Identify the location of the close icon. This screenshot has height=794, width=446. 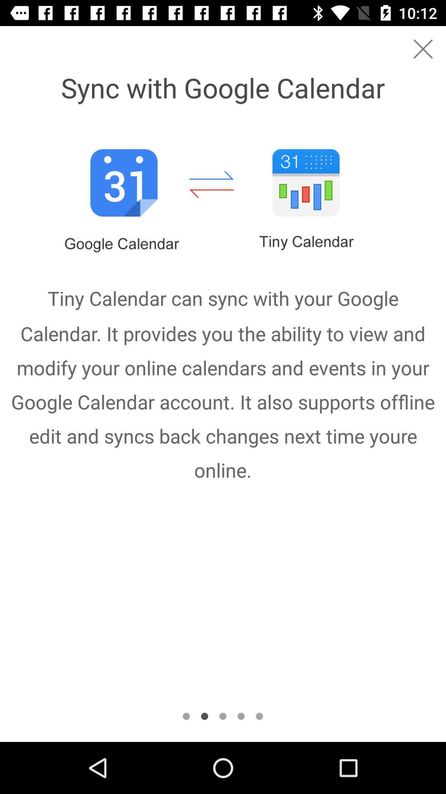
(423, 48).